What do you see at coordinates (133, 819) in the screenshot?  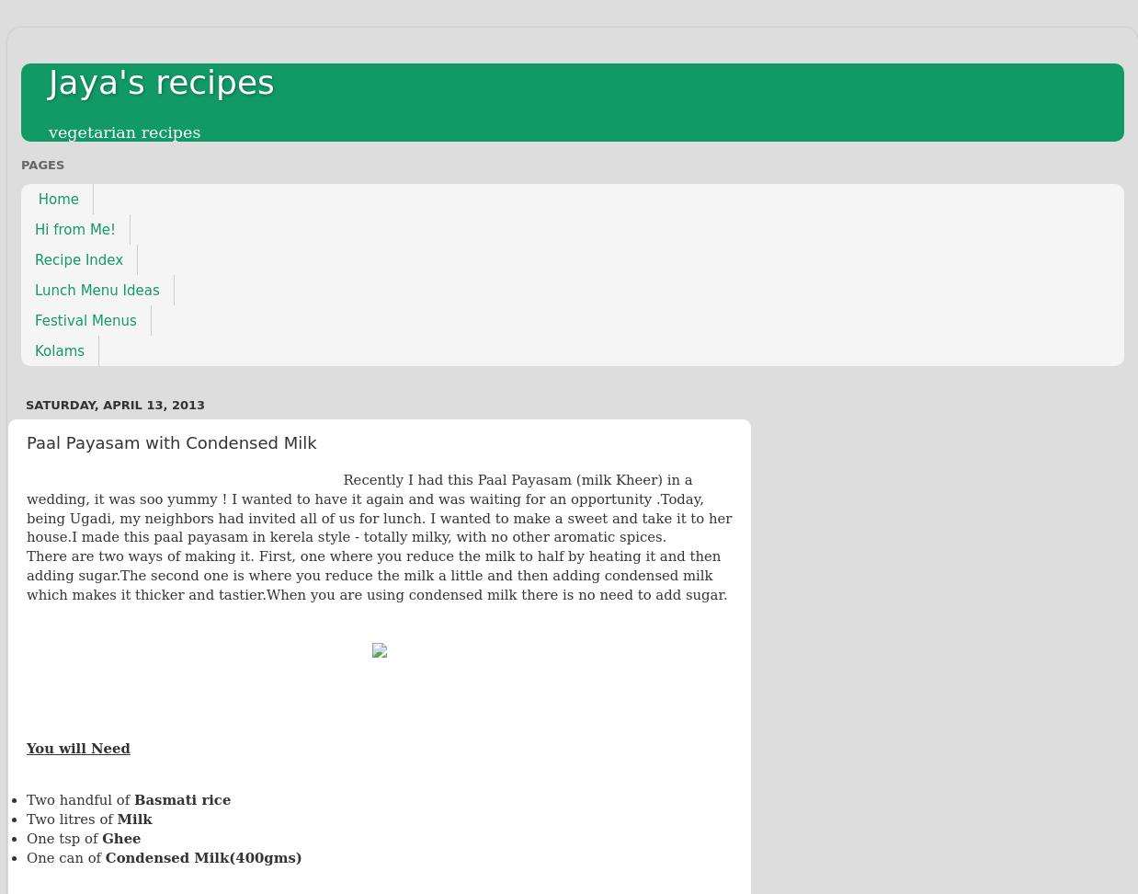 I see `'Milk'` at bounding box center [133, 819].